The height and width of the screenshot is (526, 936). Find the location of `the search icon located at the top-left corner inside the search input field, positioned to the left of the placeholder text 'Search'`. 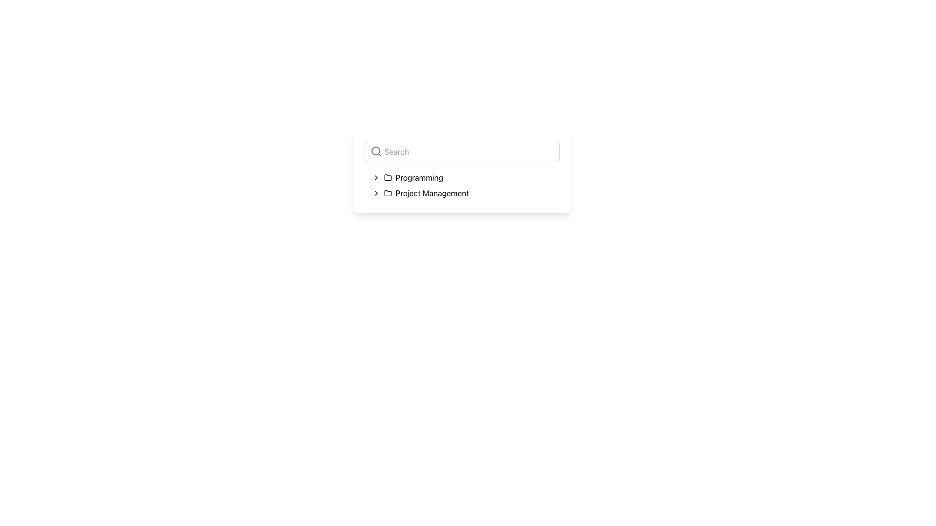

the search icon located at the top-left corner inside the search input field, positioned to the left of the placeholder text 'Search' is located at coordinates (375, 151).